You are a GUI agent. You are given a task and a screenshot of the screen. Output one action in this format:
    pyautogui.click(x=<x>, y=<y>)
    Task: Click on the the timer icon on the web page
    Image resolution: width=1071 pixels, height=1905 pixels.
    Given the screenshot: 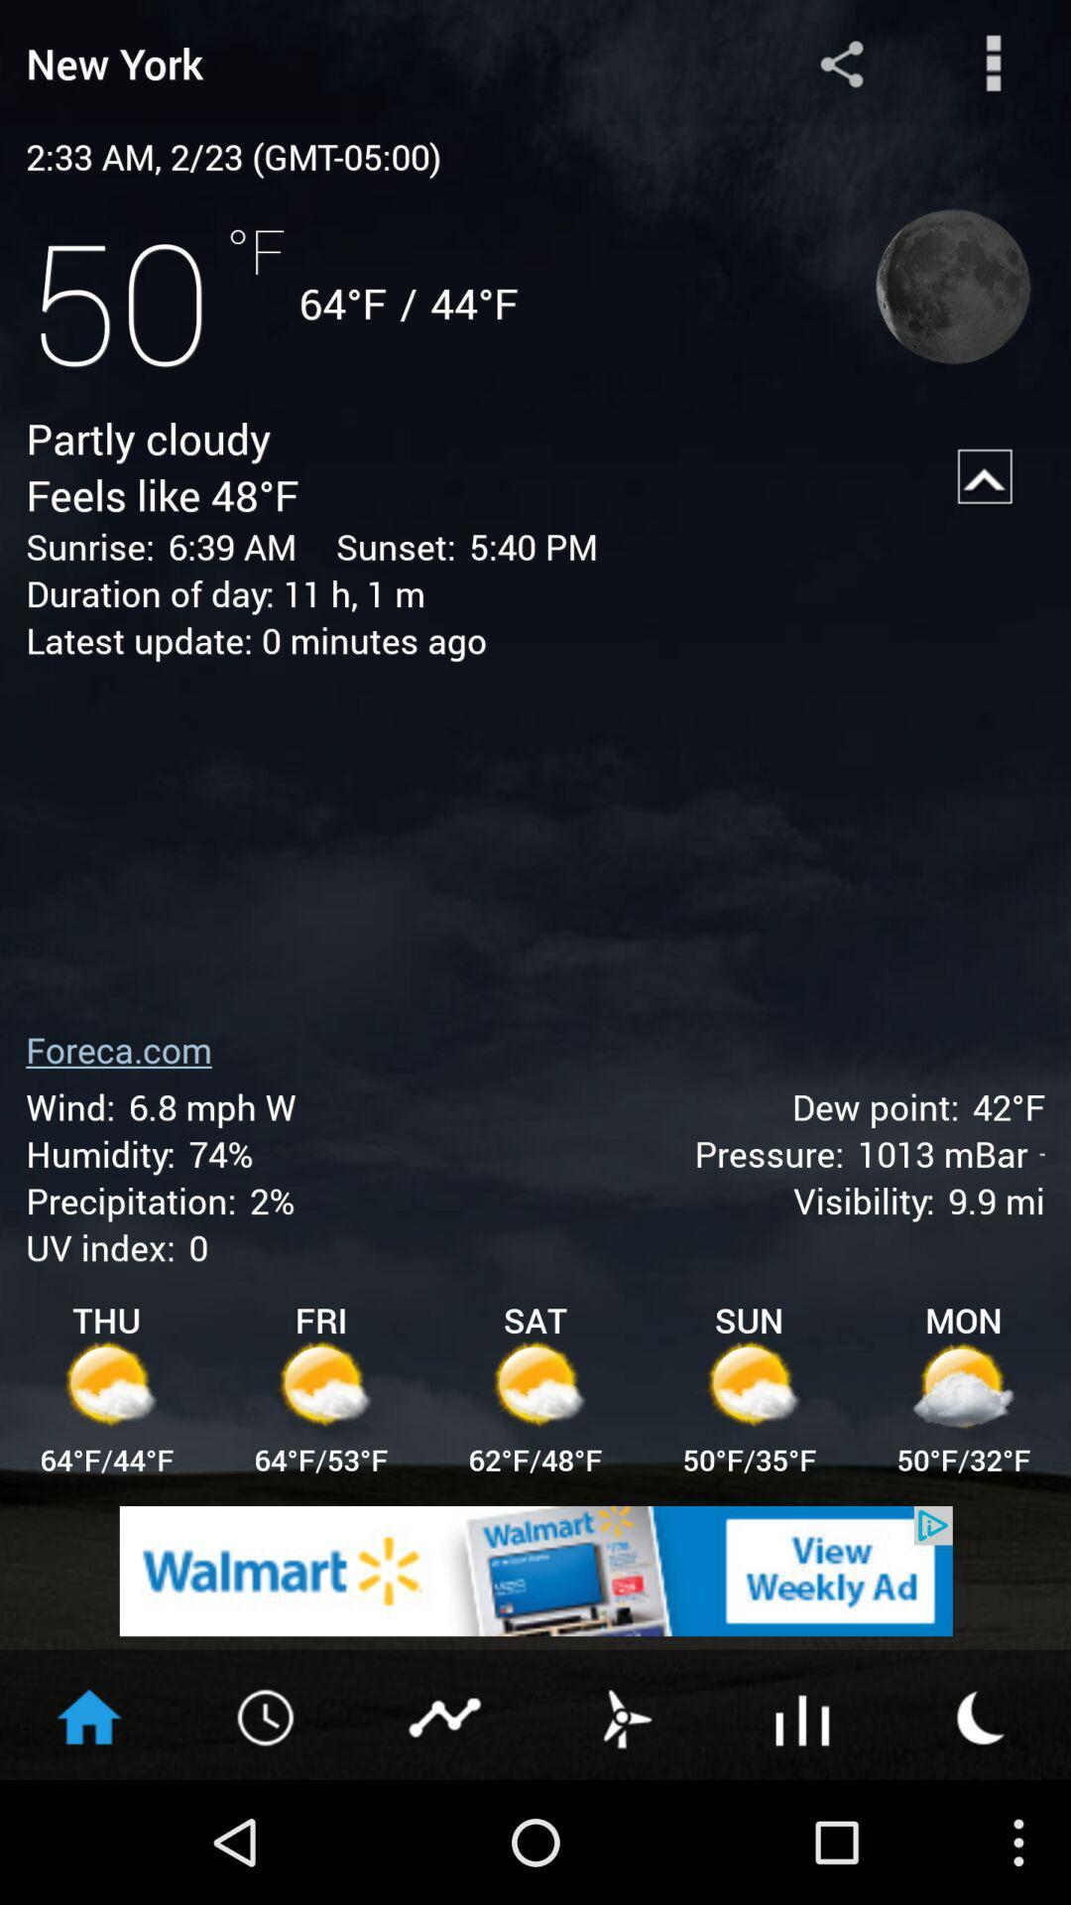 What is the action you would take?
    pyautogui.click(x=268, y=1714)
    